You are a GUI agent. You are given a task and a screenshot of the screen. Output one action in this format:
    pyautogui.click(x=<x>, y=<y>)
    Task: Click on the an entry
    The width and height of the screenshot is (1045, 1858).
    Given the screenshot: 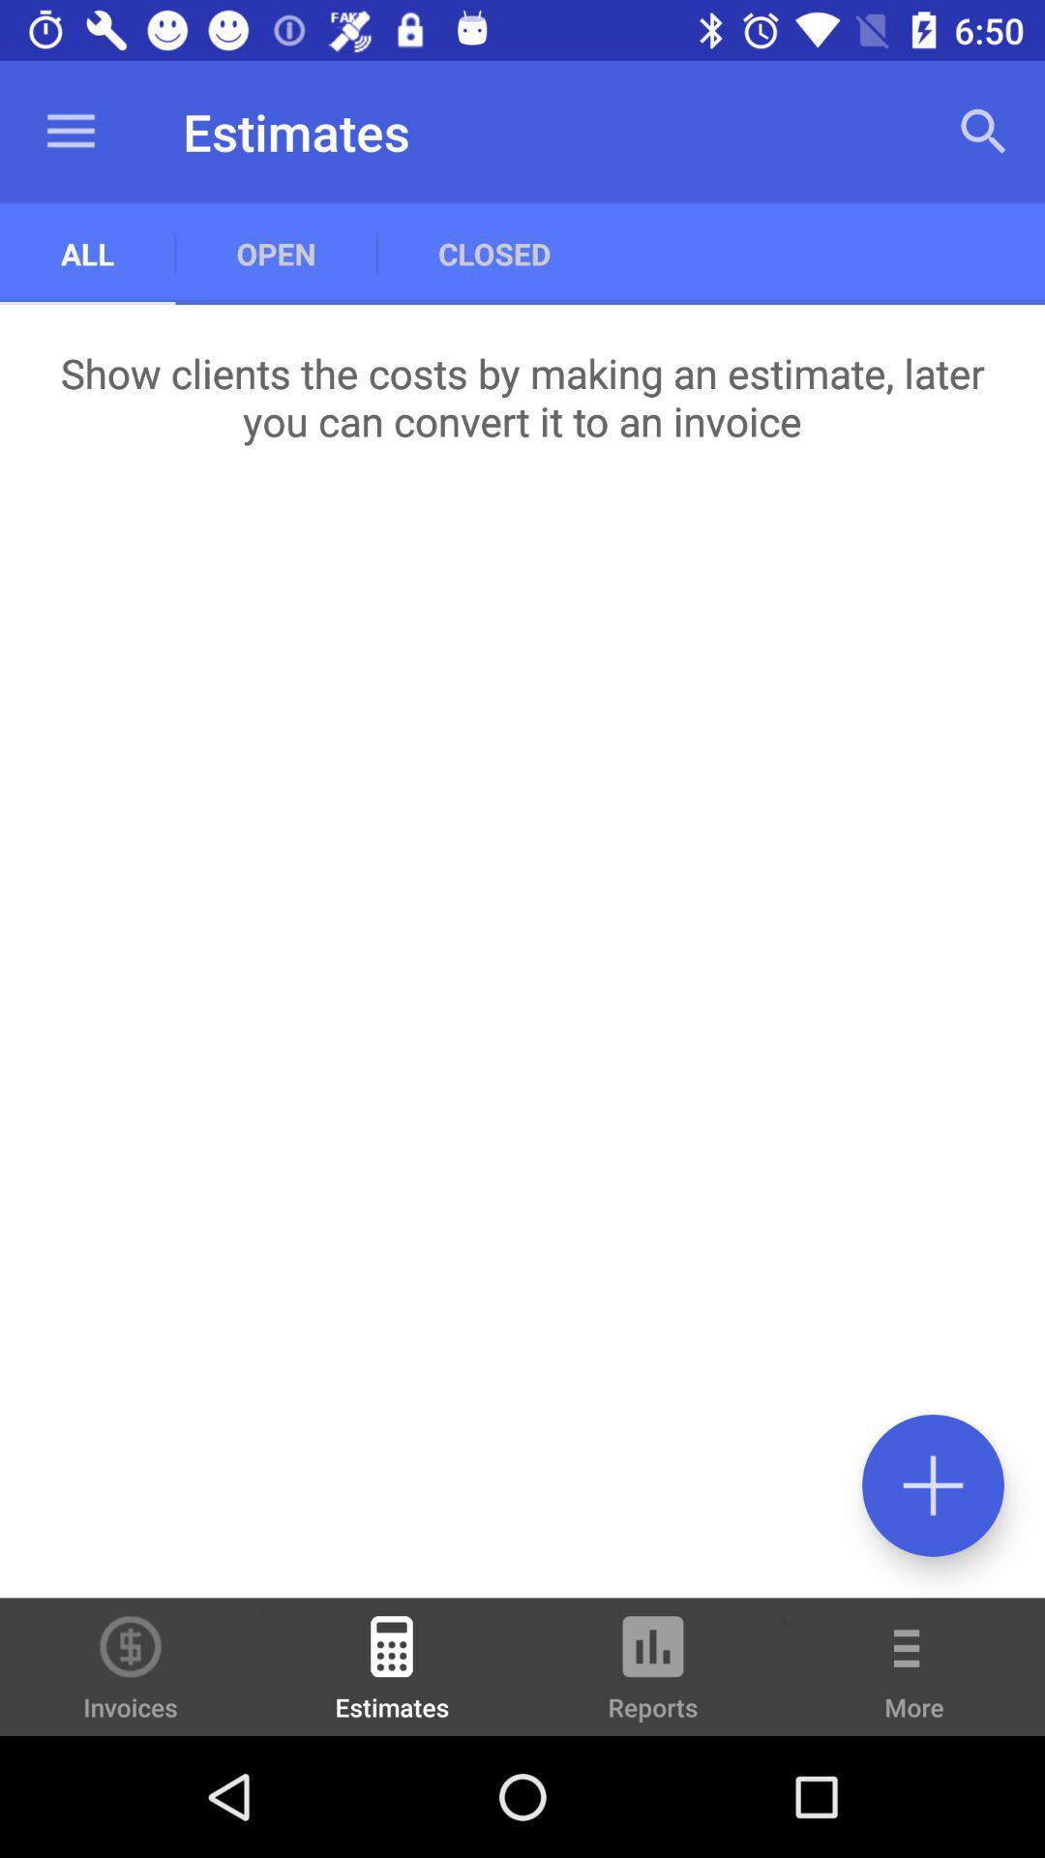 What is the action you would take?
    pyautogui.click(x=932, y=1484)
    